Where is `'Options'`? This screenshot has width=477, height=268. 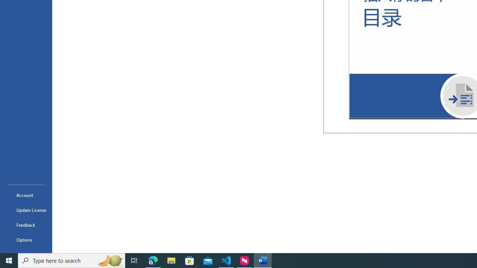
'Options' is located at coordinates (26, 240).